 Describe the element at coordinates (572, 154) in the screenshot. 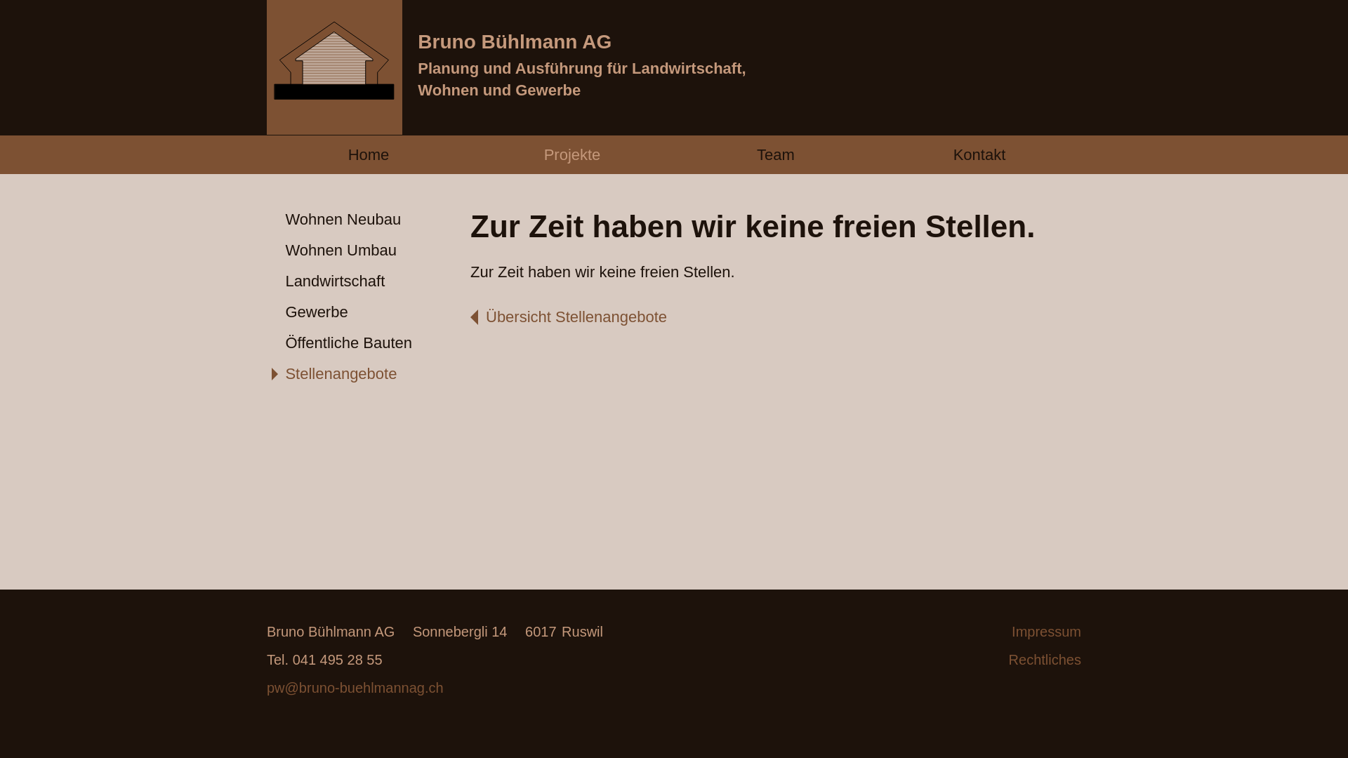

I see `'Projekte'` at that location.